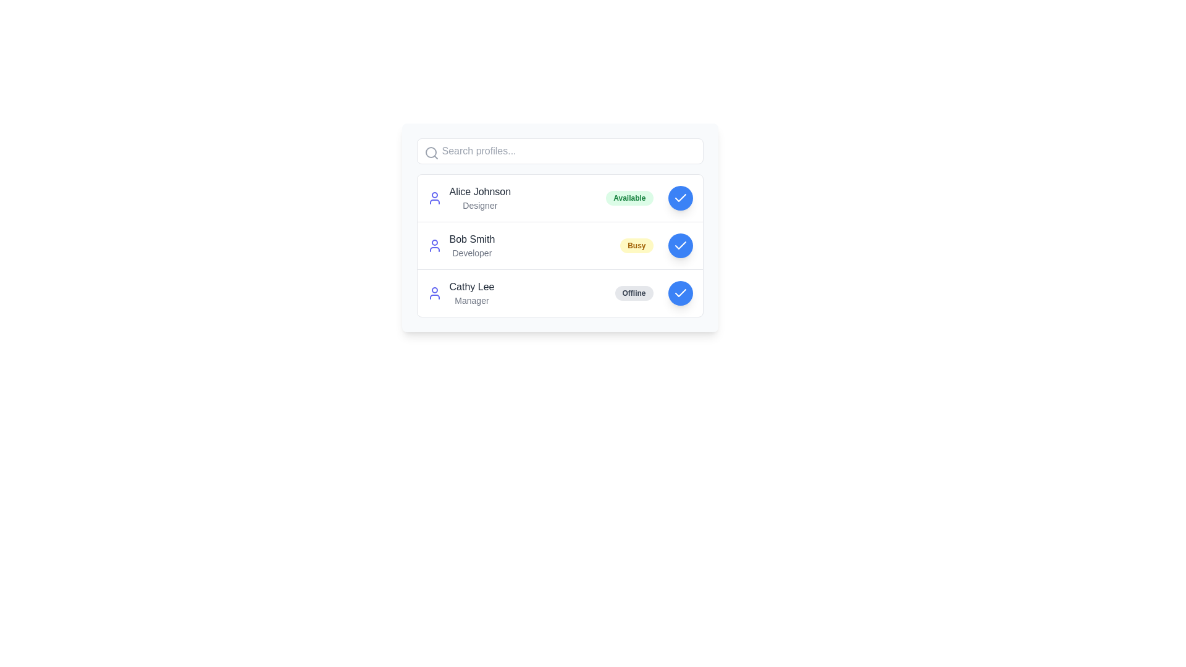  Describe the element at coordinates (471, 287) in the screenshot. I see `the label displaying the name 'Cathy Lee', which is located above the title 'Manager' in the user profile card` at that location.